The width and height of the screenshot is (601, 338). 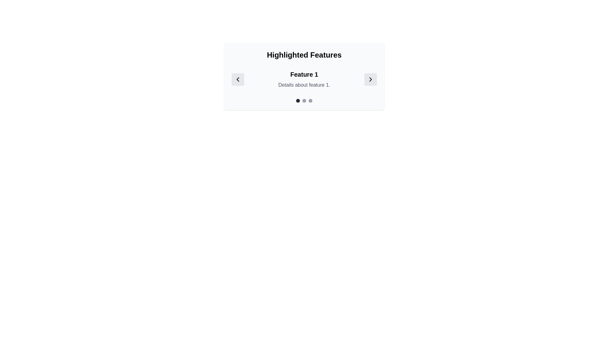 What do you see at coordinates (371, 79) in the screenshot?
I see `the right-pointing chevron icon button in the middle-right portion of the highlighted feature section` at bounding box center [371, 79].